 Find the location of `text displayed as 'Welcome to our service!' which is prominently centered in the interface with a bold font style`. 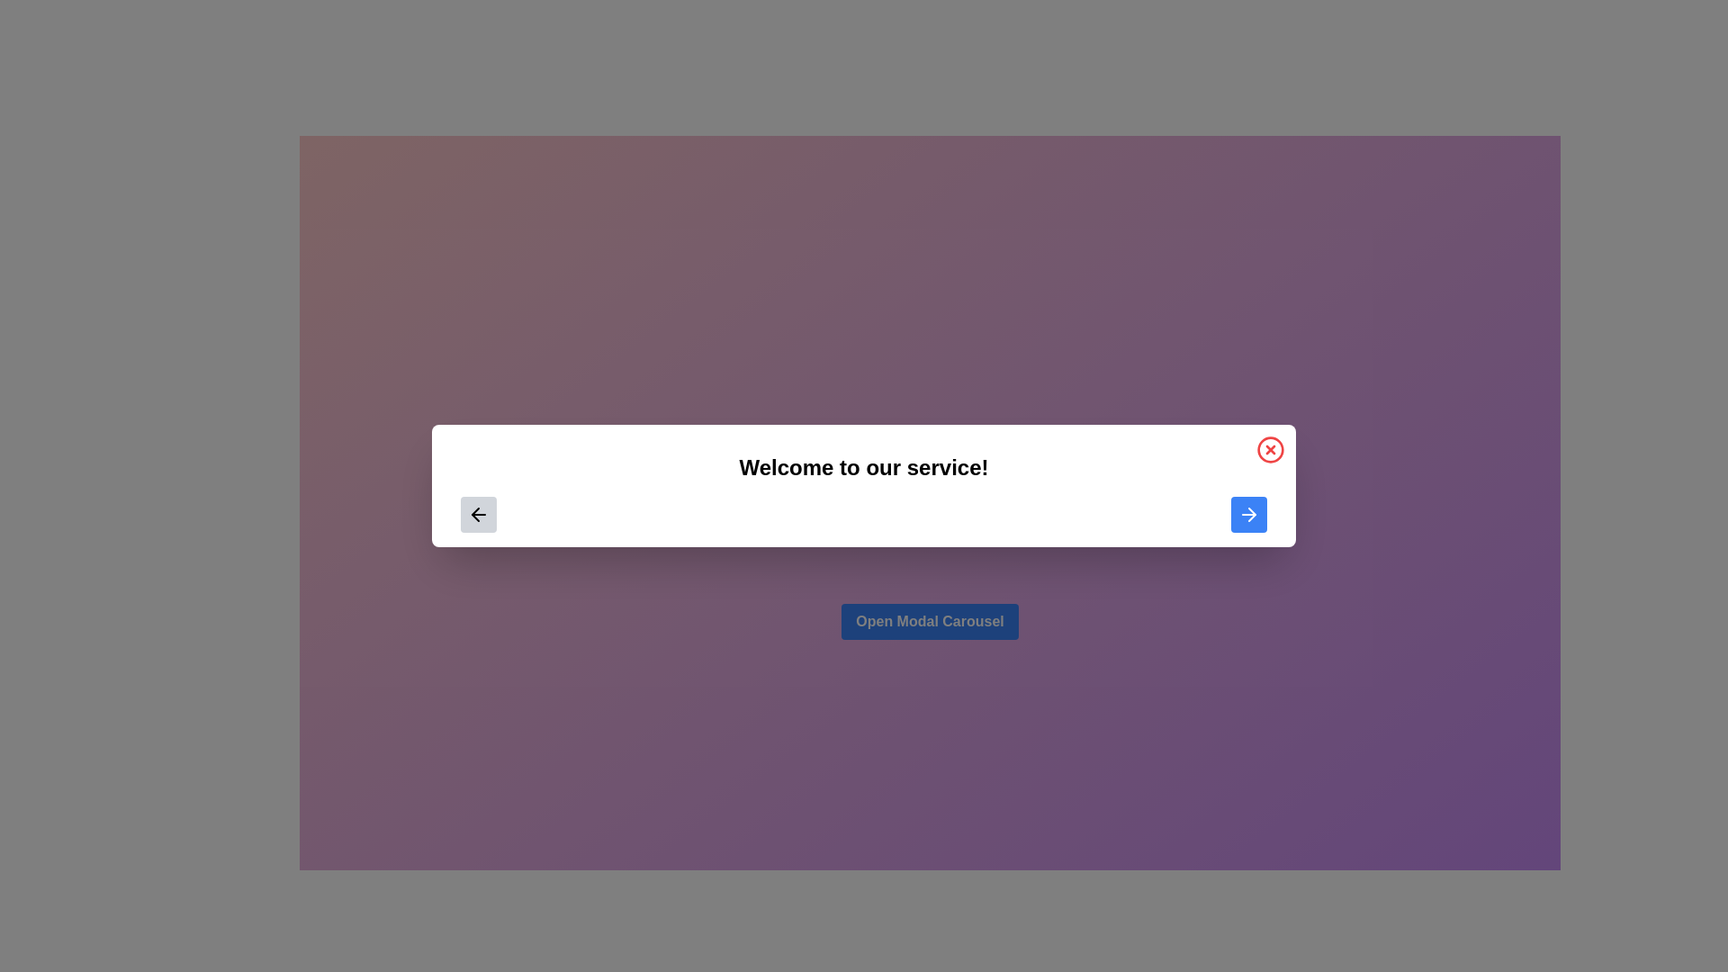

text displayed as 'Welcome to our service!' which is prominently centered in the interface with a bold font style is located at coordinates (864, 467).